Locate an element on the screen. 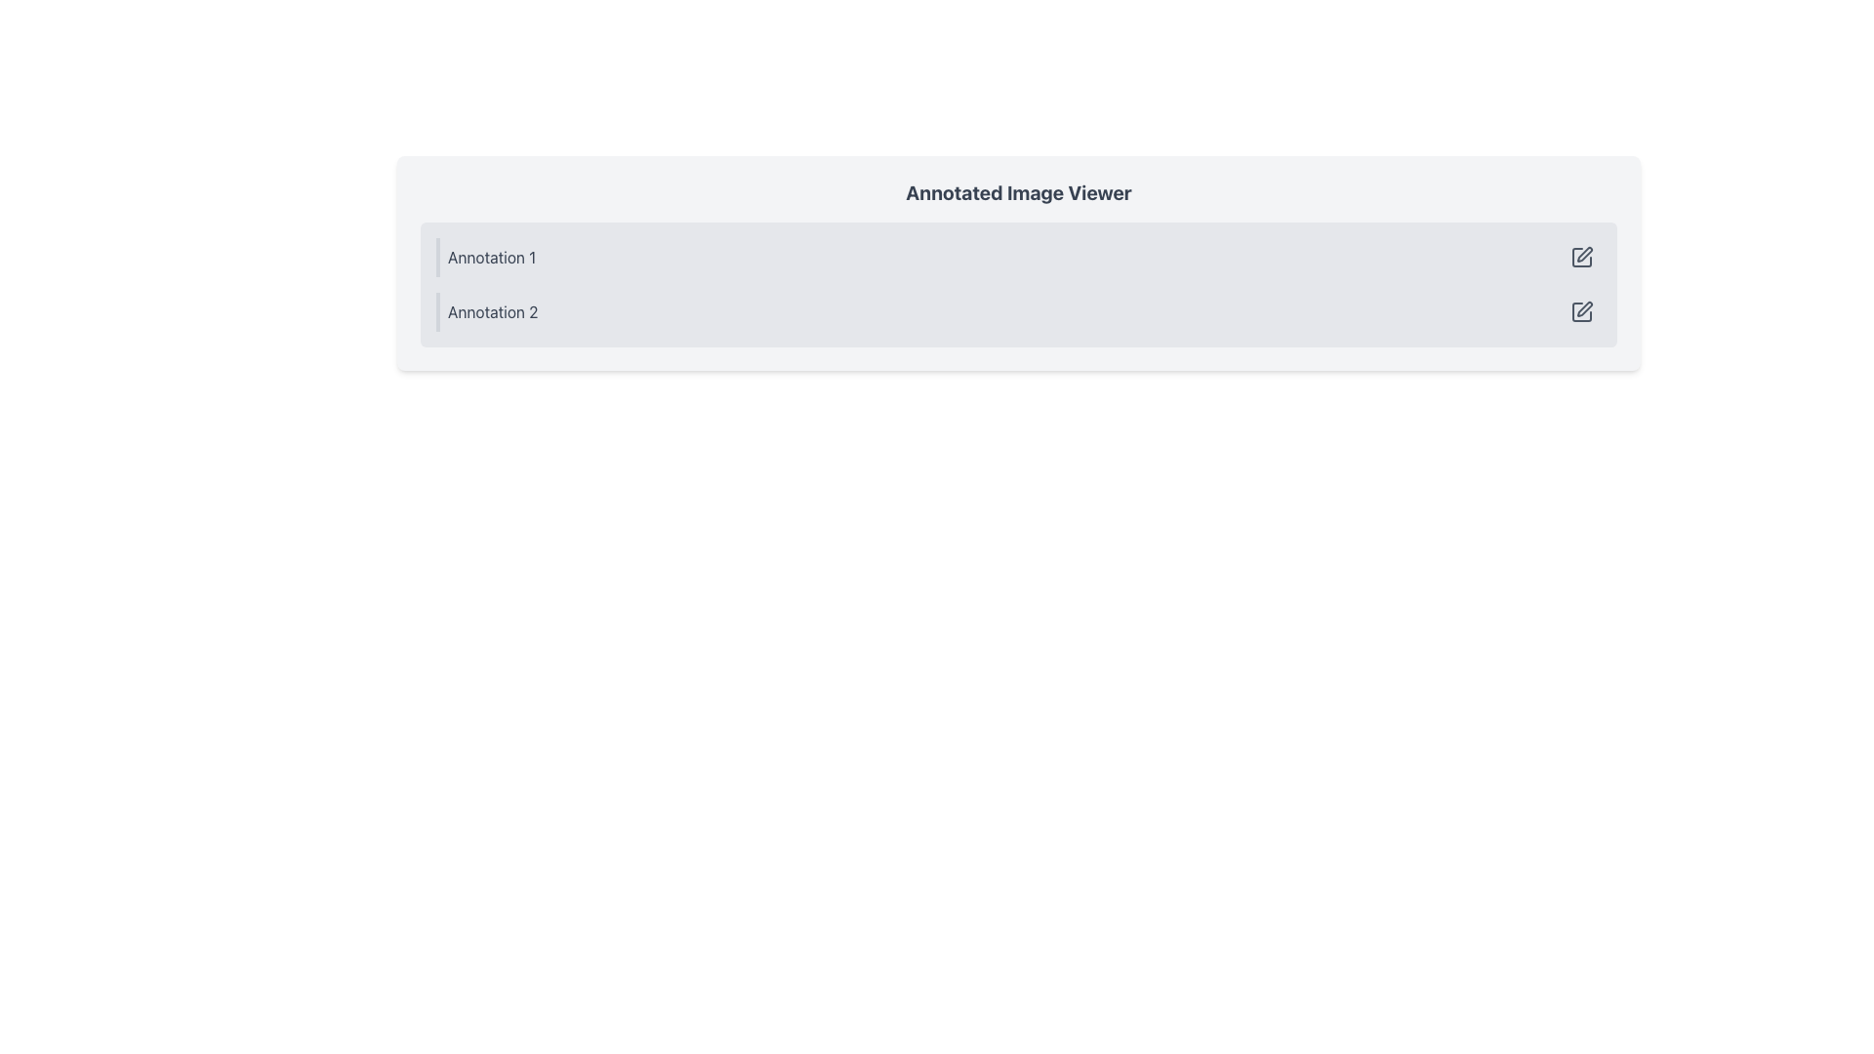  the Action Icon, which is a gray pen-shaped icon located to the right of the label 'Annotation 1' is located at coordinates (1582, 256).